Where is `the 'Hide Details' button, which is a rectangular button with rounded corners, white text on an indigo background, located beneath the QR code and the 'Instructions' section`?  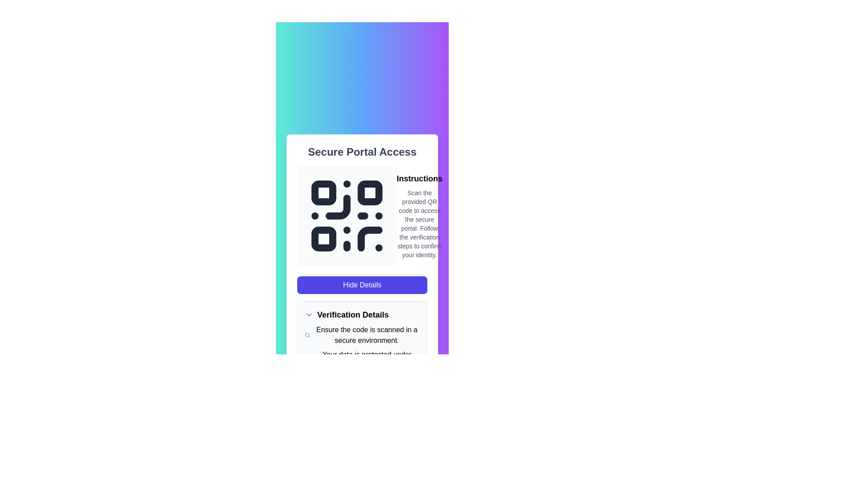 the 'Hide Details' button, which is a rectangular button with rounded corners, white text on an indigo background, located beneath the QR code and the 'Instructions' section is located at coordinates (362, 285).